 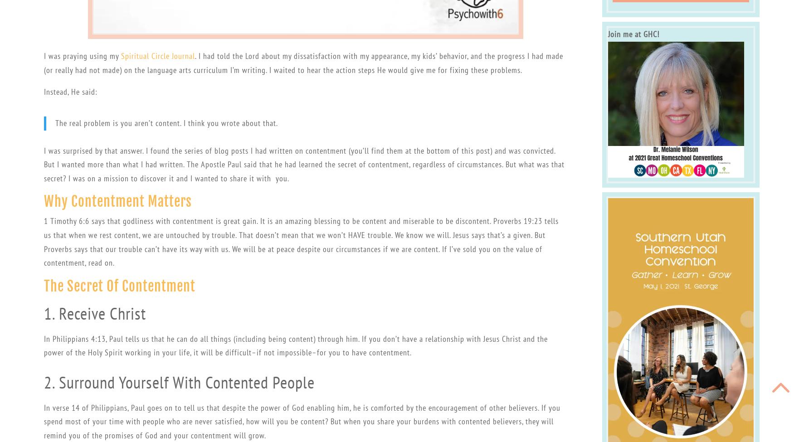 I want to click on '. I had told the Lord about my dissatisfaction with my appearance, my kids’ behavior, and the progress I had made (or really had not made) on the language arts curriculum I’m writing. I waited to hear the action steps He would give me for fixing these problems.', so click(x=302, y=62).